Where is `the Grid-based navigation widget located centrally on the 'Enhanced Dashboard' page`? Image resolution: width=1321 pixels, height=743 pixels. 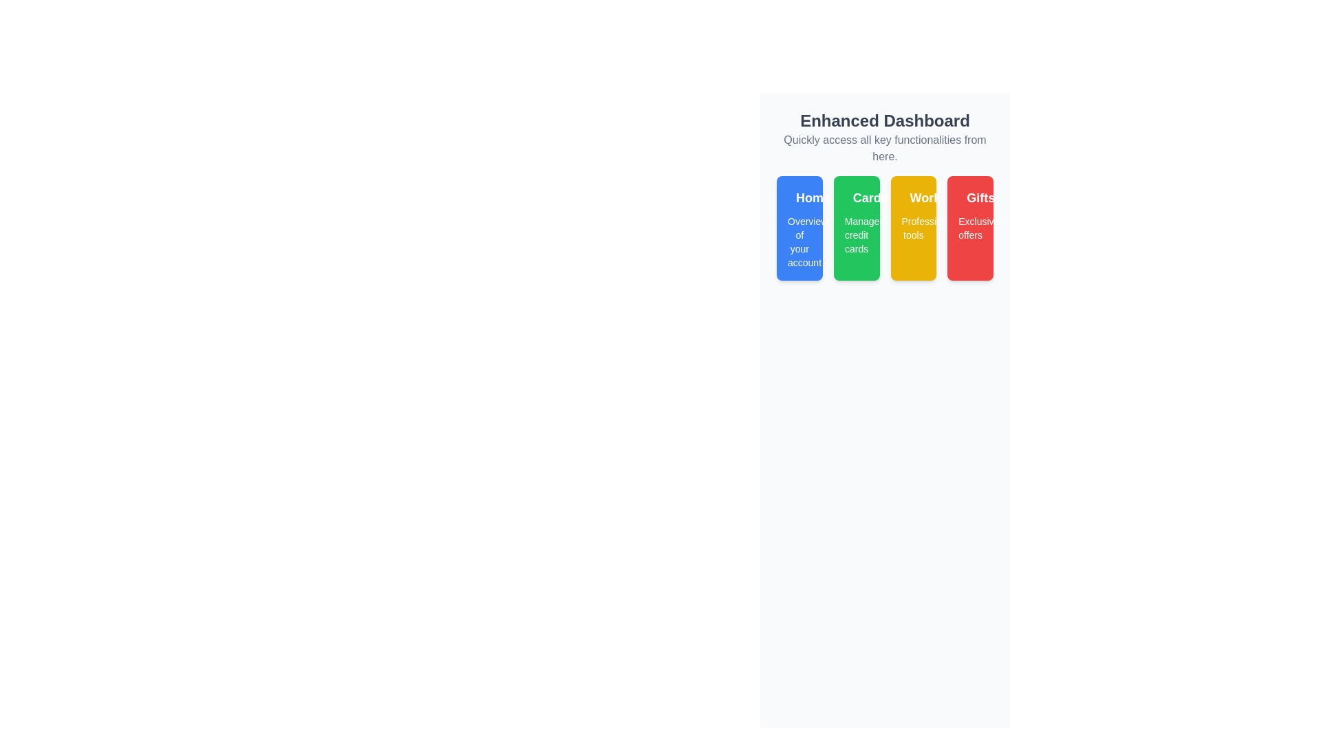
the Grid-based navigation widget located centrally on the 'Enhanced Dashboard' page is located at coordinates (885, 227).